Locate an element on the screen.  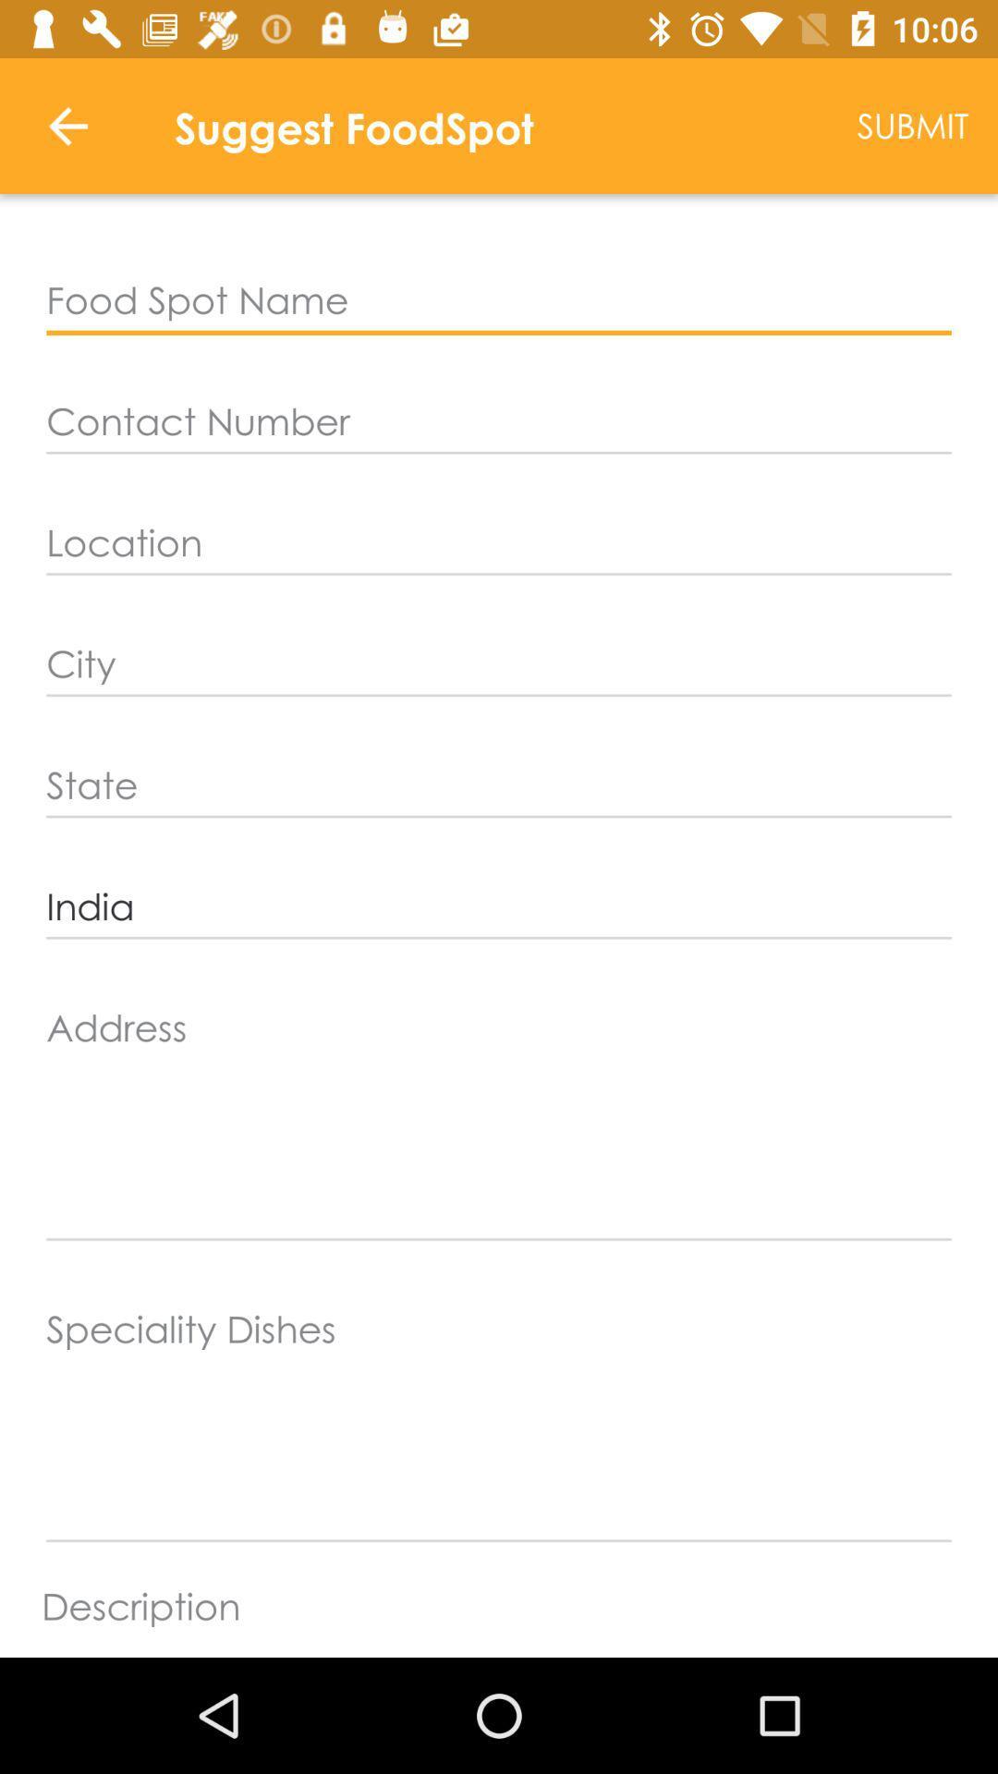
the submit item is located at coordinates (912, 125).